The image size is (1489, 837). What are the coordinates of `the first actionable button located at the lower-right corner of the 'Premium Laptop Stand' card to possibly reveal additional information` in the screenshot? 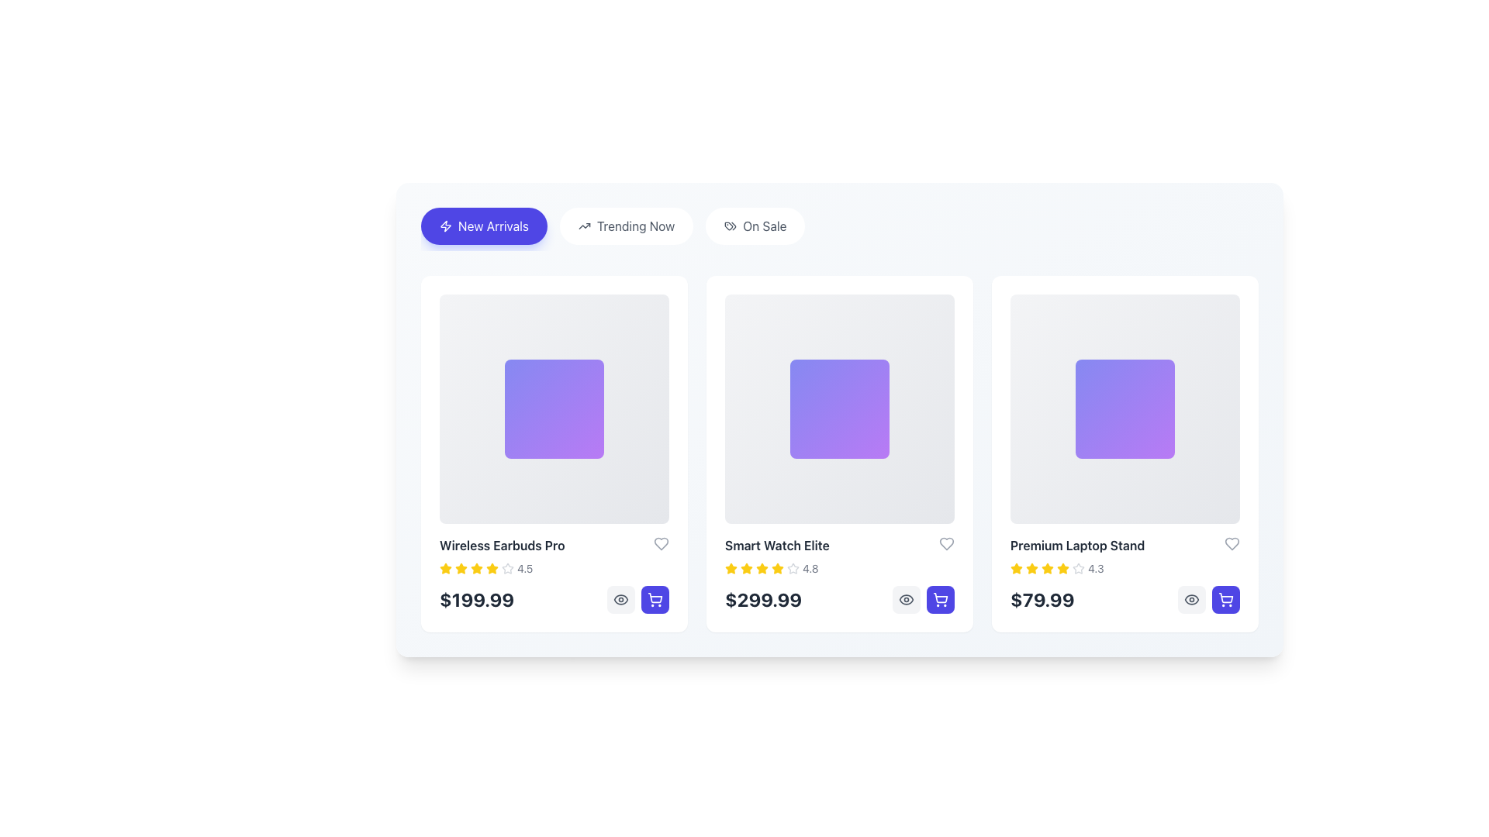 It's located at (1190, 599).